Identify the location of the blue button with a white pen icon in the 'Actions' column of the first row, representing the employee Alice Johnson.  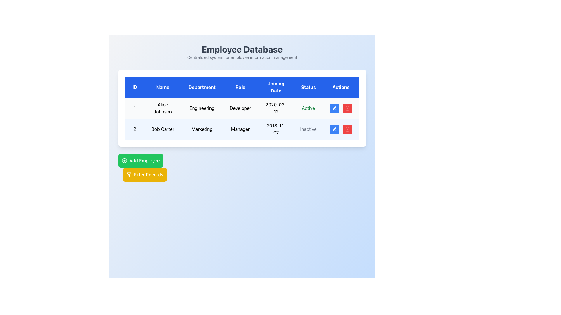
(334, 108).